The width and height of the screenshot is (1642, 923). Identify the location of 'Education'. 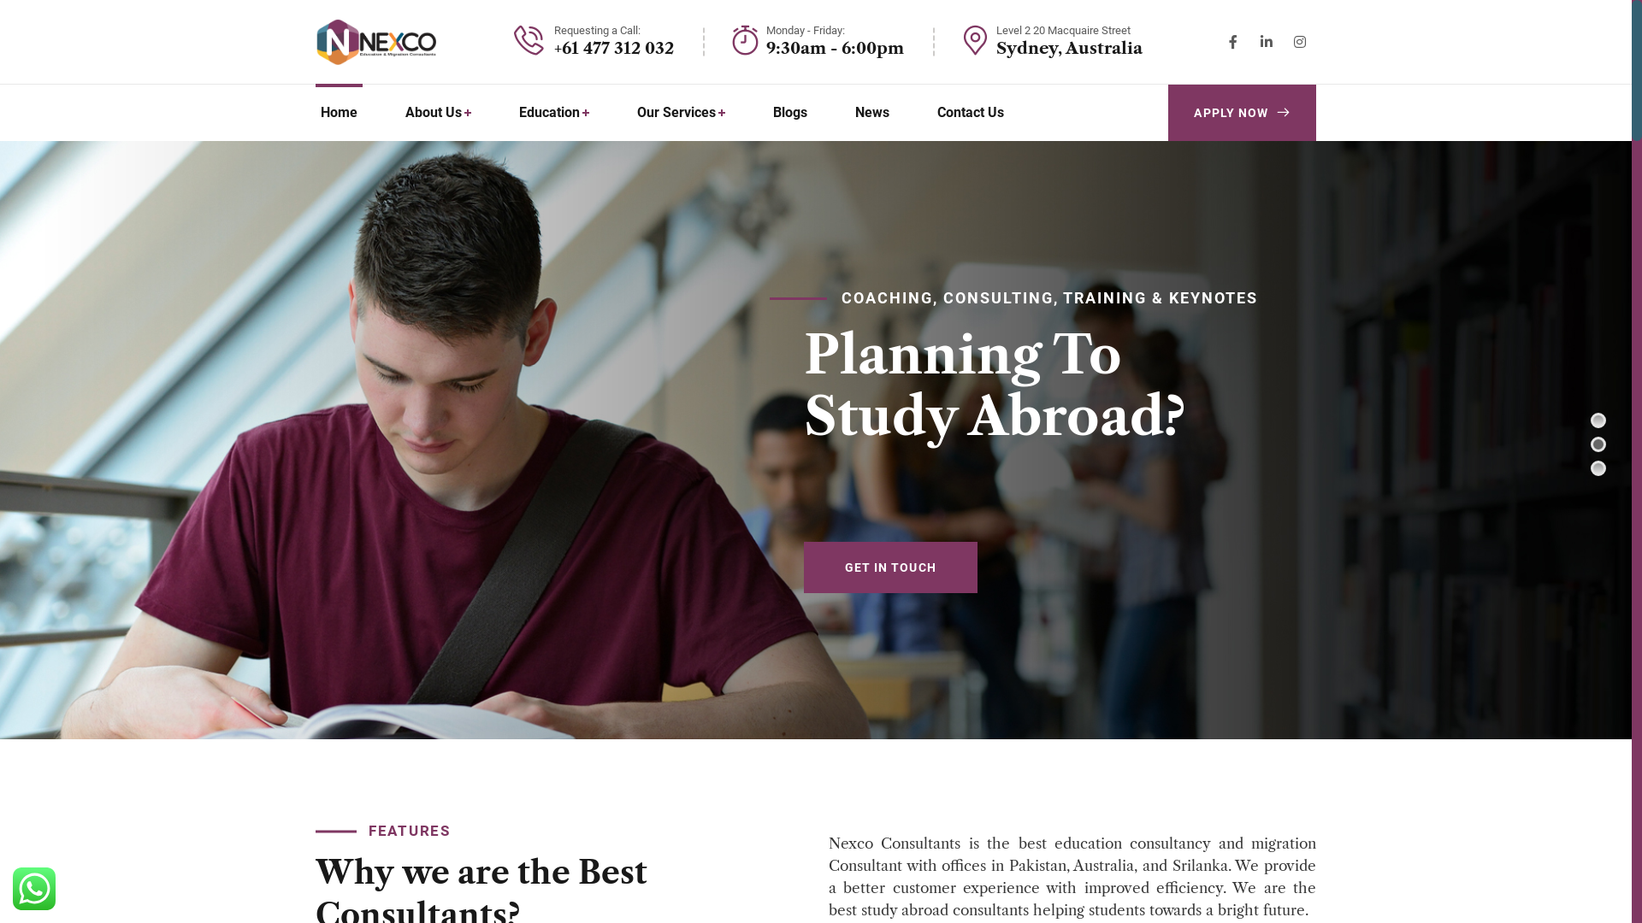
(554, 112).